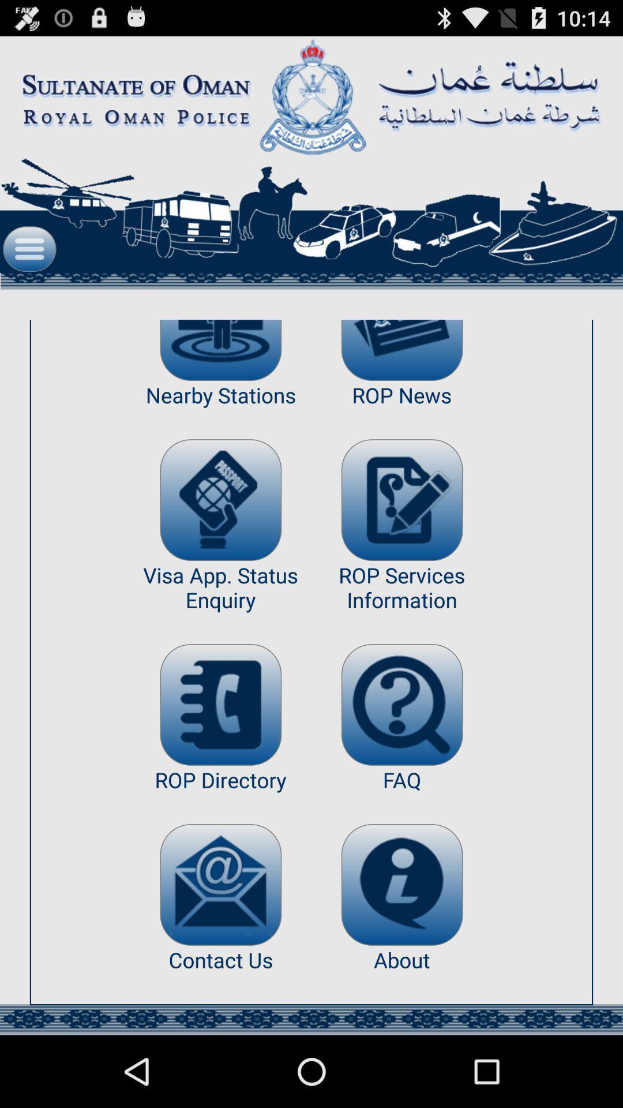 This screenshot has width=623, height=1108. Describe the element at coordinates (401, 500) in the screenshot. I see `the item above the rop services information app` at that location.